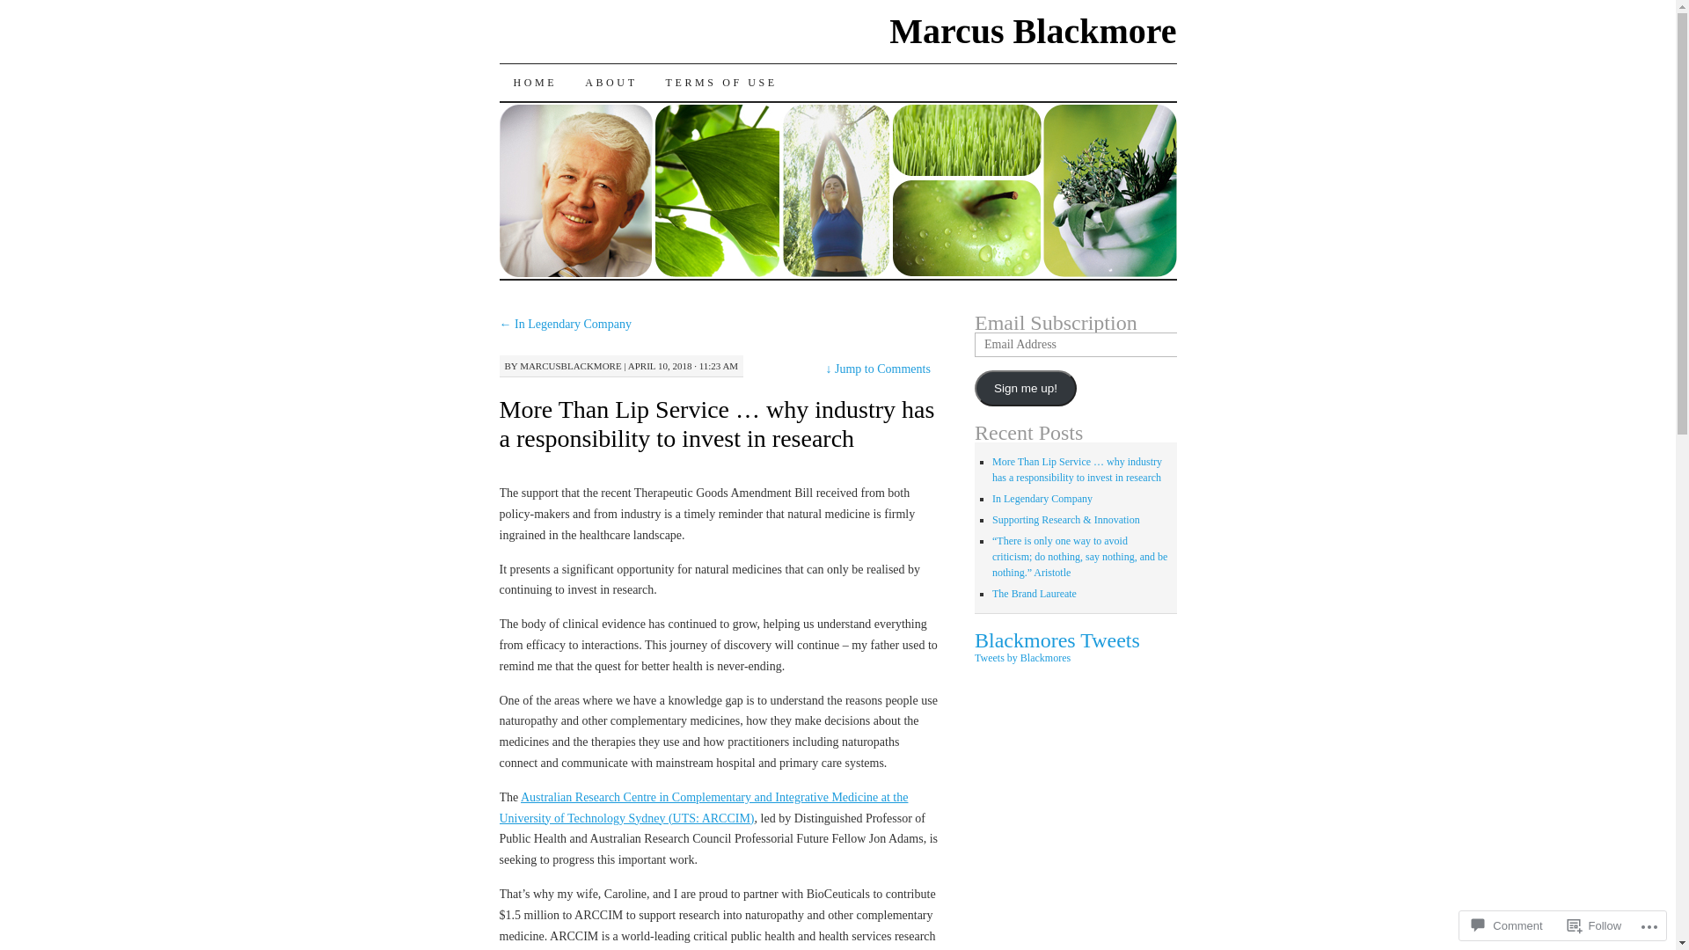 The image size is (1689, 950). I want to click on 'TERMS OF USE', so click(721, 82).